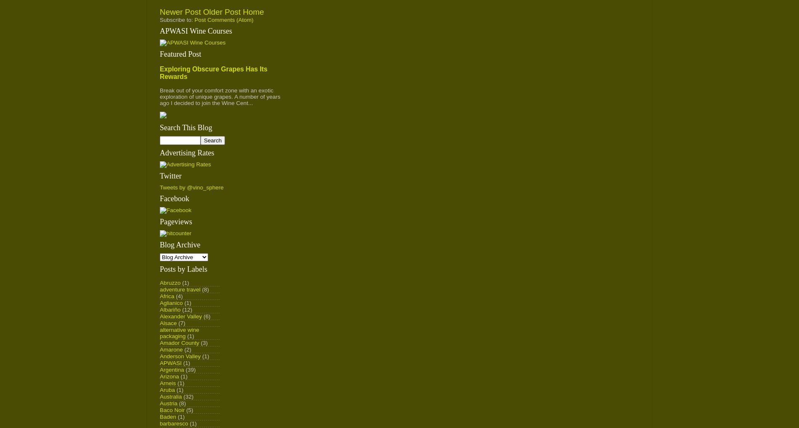  What do you see at coordinates (159, 416) in the screenshot?
I see `'Baden'` at bounding box center [159, 416].